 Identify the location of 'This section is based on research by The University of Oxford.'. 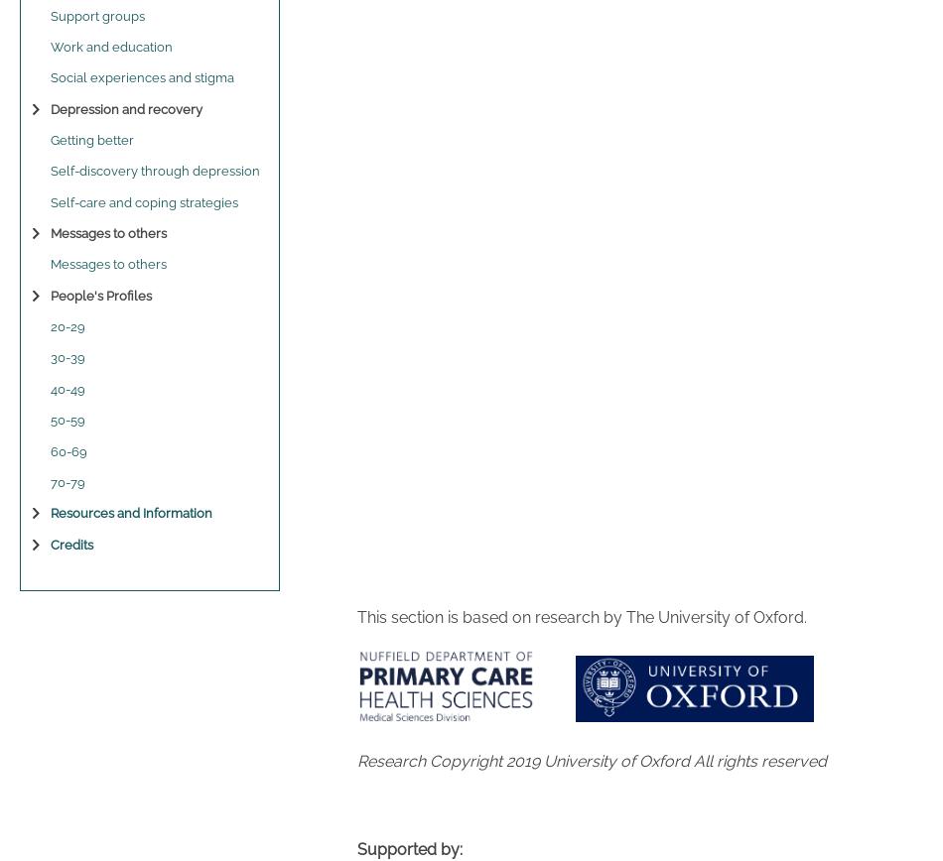
(582, 617).